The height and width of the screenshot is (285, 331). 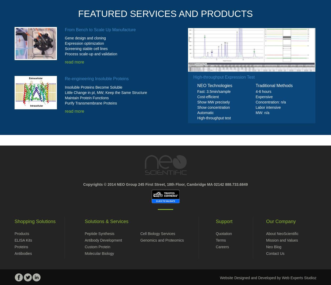 What do you see at coordinates (224, 221) in the screenshot?
I see `'Support'` at bounding box center [224, 221].